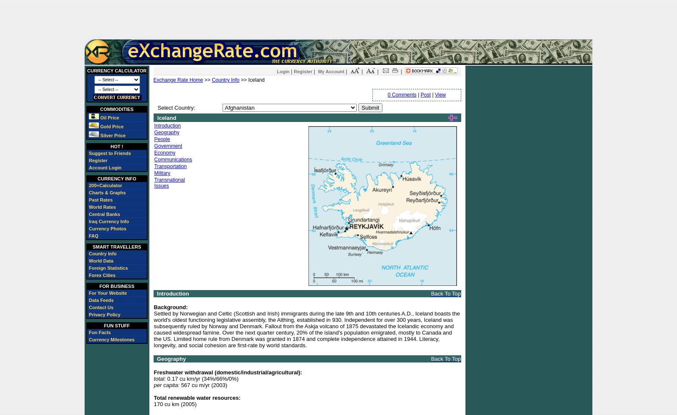 This screenshot has height=415, width=677. Describe the element at coordinates (435, 95) in the screenshot. I see `'View'` at that location.